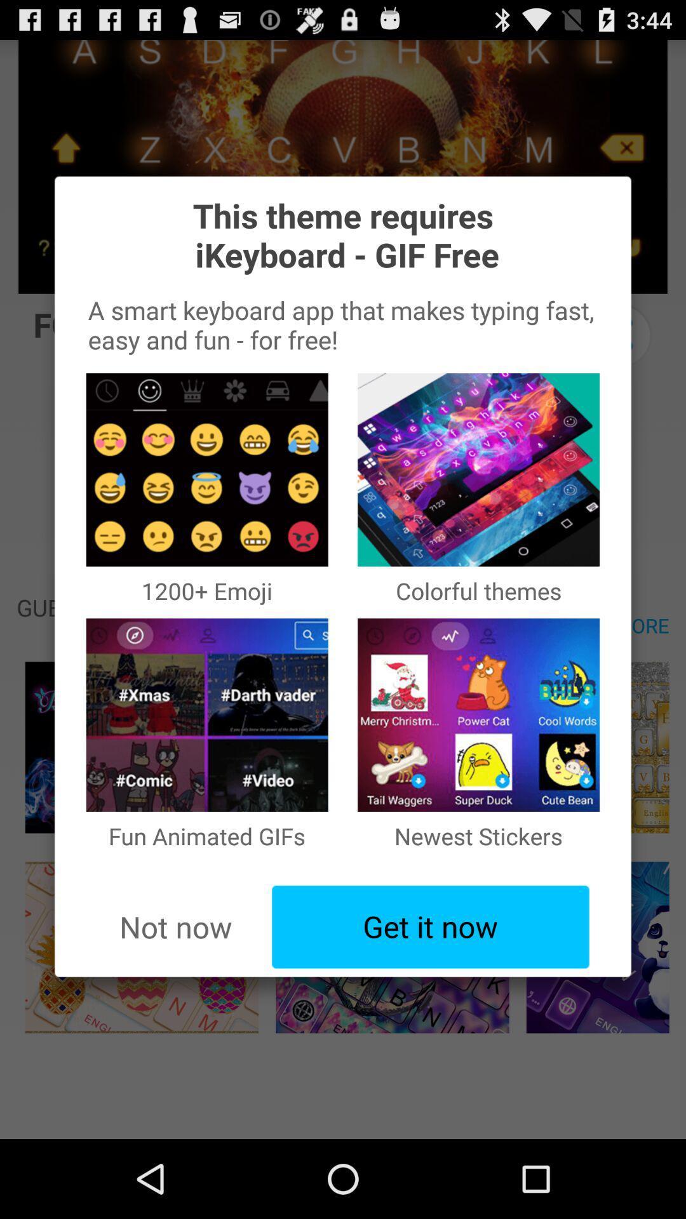 Image resolution: width=686 pixels, height=1219 pixels. What do you see at coordinates (430, 927) in the screenshot?
I see `the get it now` at bounding box center [430, 927].